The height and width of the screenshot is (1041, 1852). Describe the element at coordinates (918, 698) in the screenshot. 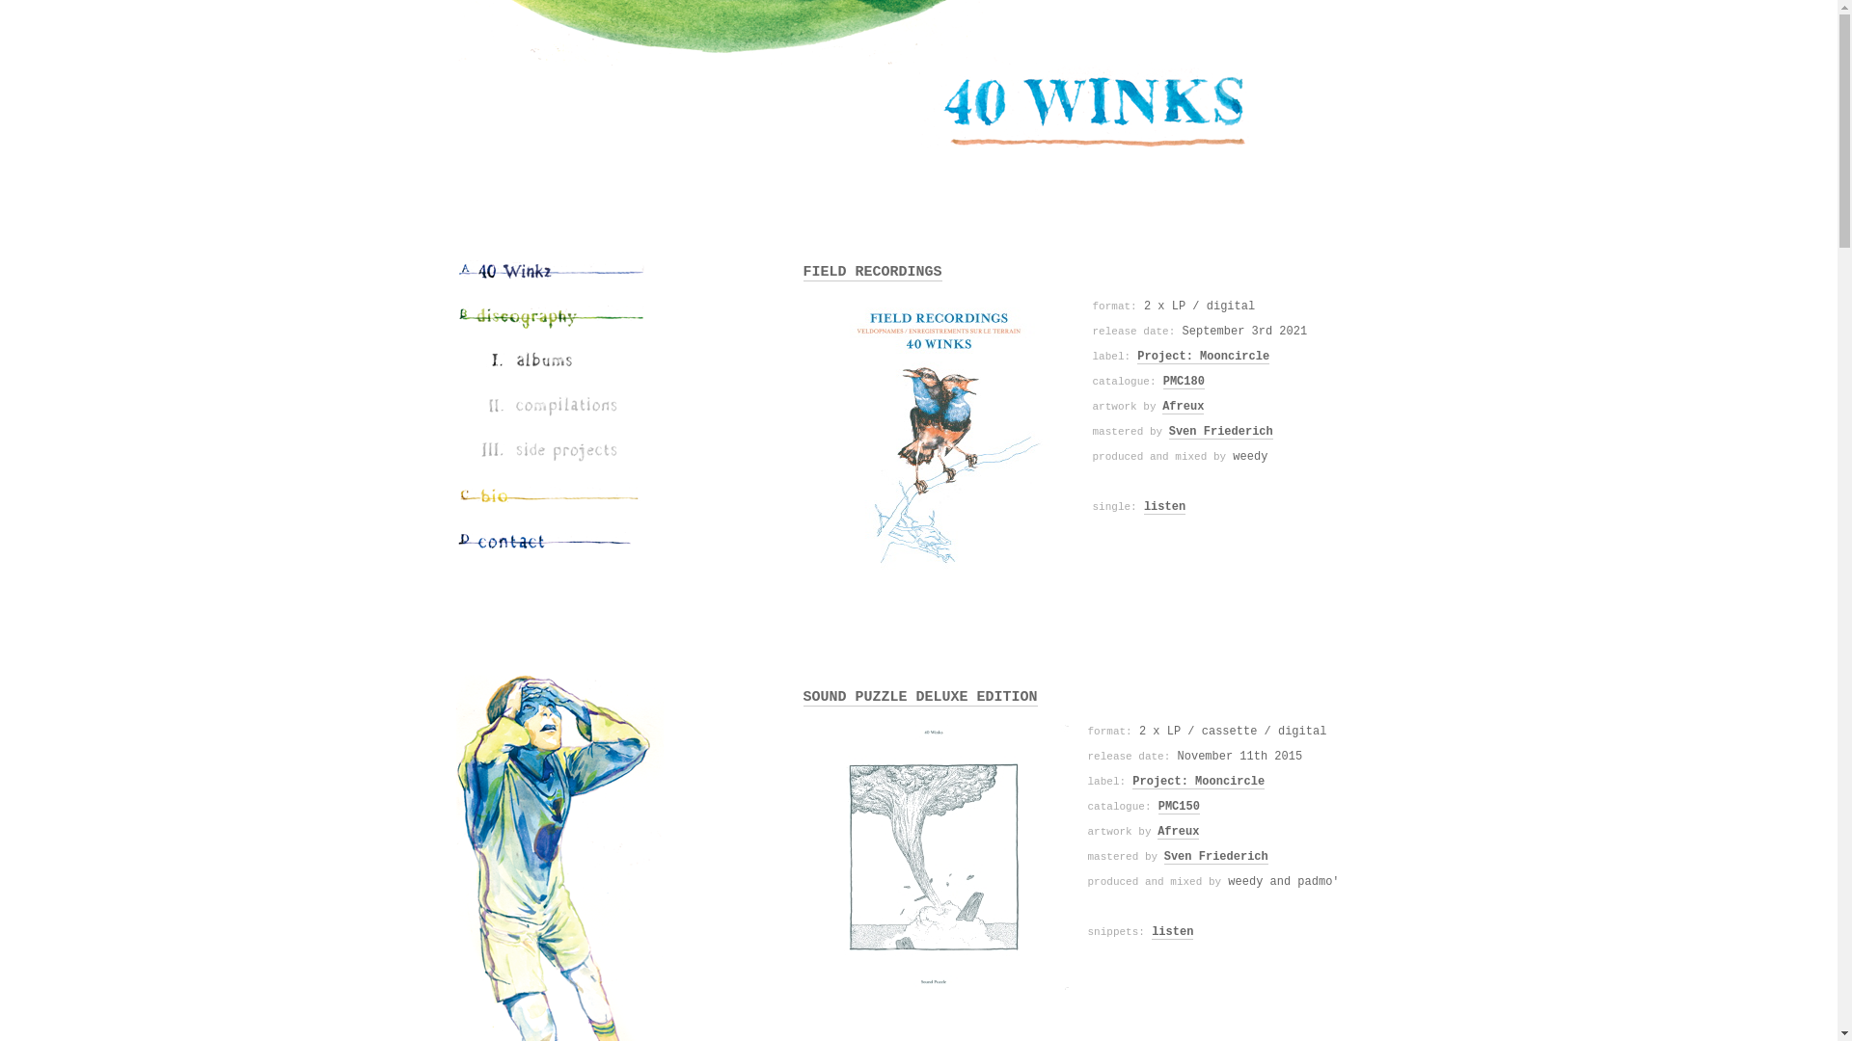

I see `'SOUND PUZZLE DELUXE EDITION'` at that location.